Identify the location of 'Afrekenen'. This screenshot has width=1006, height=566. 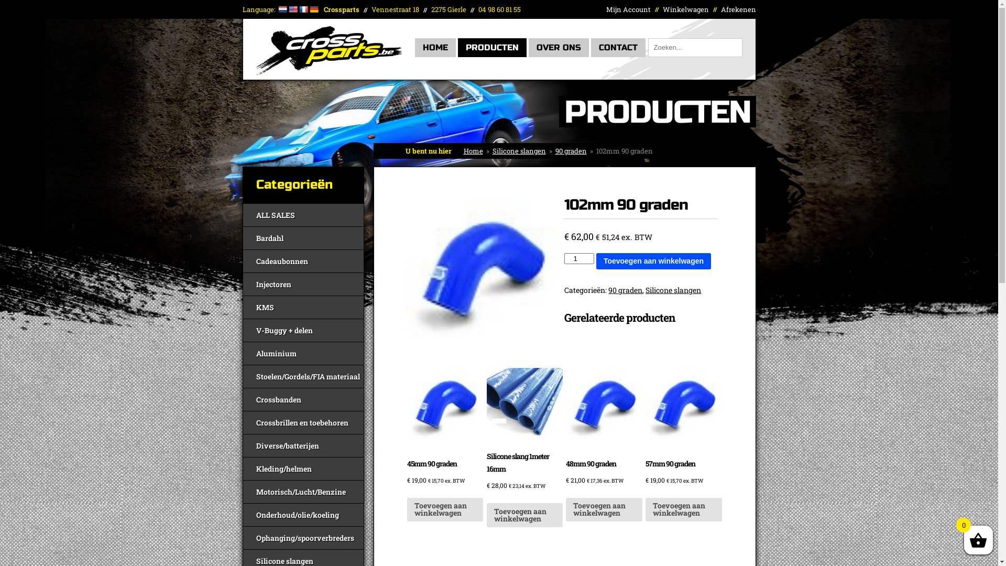
(738, 9).